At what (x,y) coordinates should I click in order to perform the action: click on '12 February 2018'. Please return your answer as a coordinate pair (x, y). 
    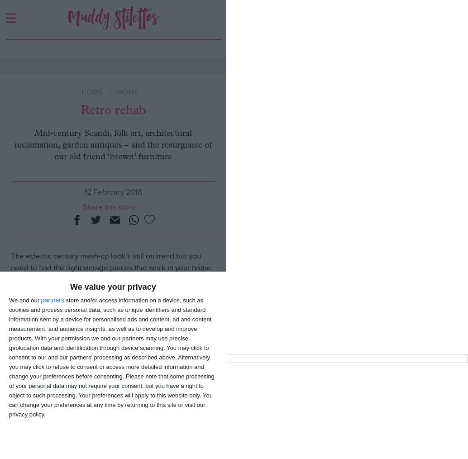
    Looking at the image, I should click on (113, 192).